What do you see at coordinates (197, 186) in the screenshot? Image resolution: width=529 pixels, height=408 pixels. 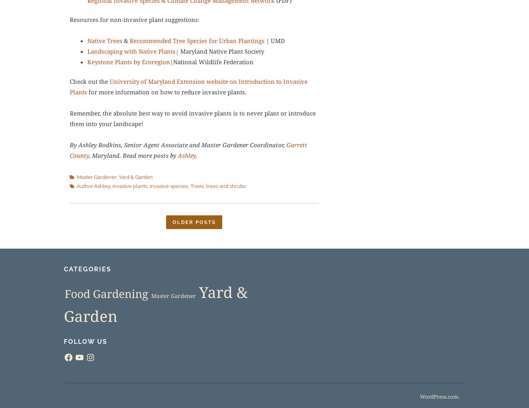 I see `'Trees'` at bounding box center [197, 186].